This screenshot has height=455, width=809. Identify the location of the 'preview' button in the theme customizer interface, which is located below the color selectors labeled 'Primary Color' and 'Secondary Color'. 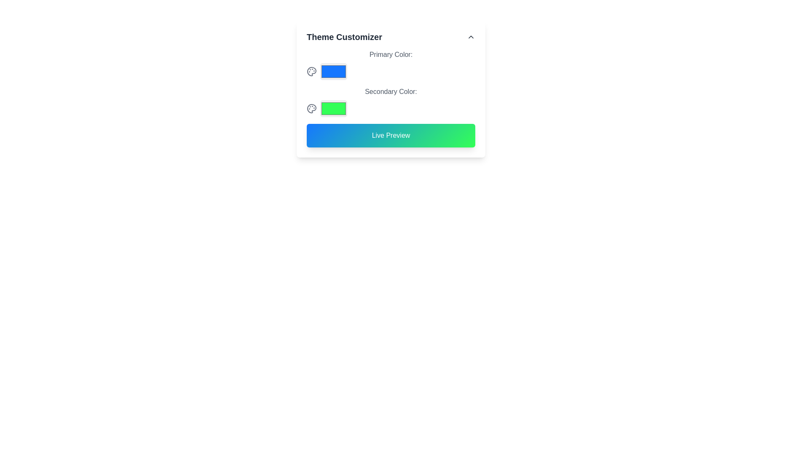
(390, 135).